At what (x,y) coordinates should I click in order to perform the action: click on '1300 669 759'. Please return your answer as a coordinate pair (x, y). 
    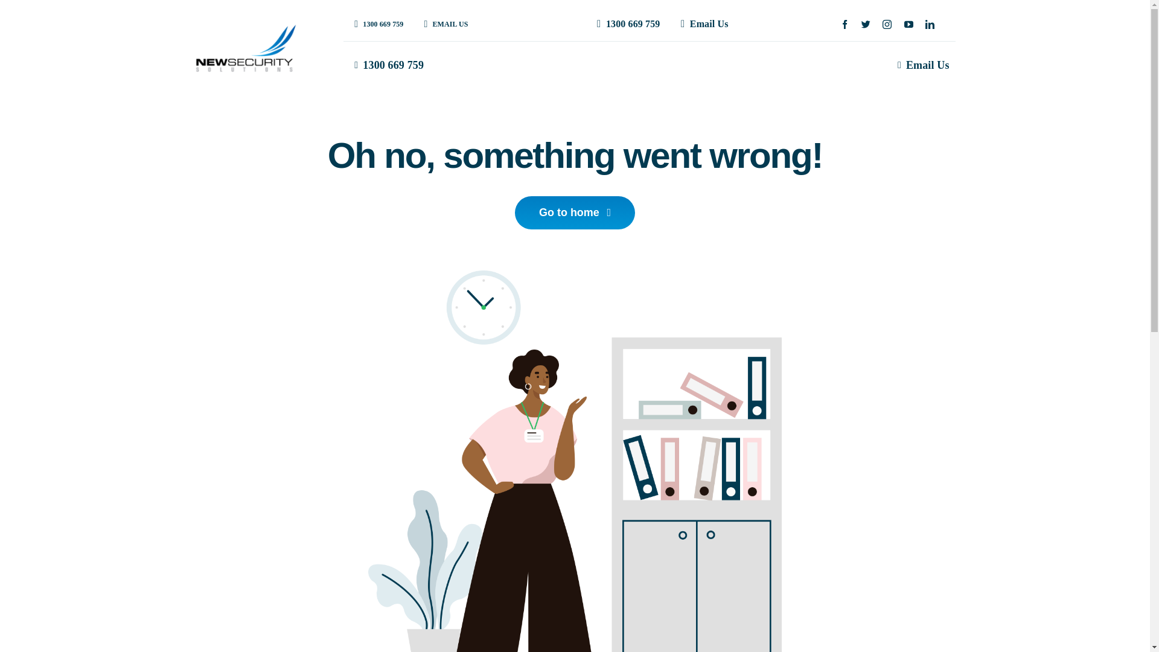
    Looking at the image, I should click on (626, 24).